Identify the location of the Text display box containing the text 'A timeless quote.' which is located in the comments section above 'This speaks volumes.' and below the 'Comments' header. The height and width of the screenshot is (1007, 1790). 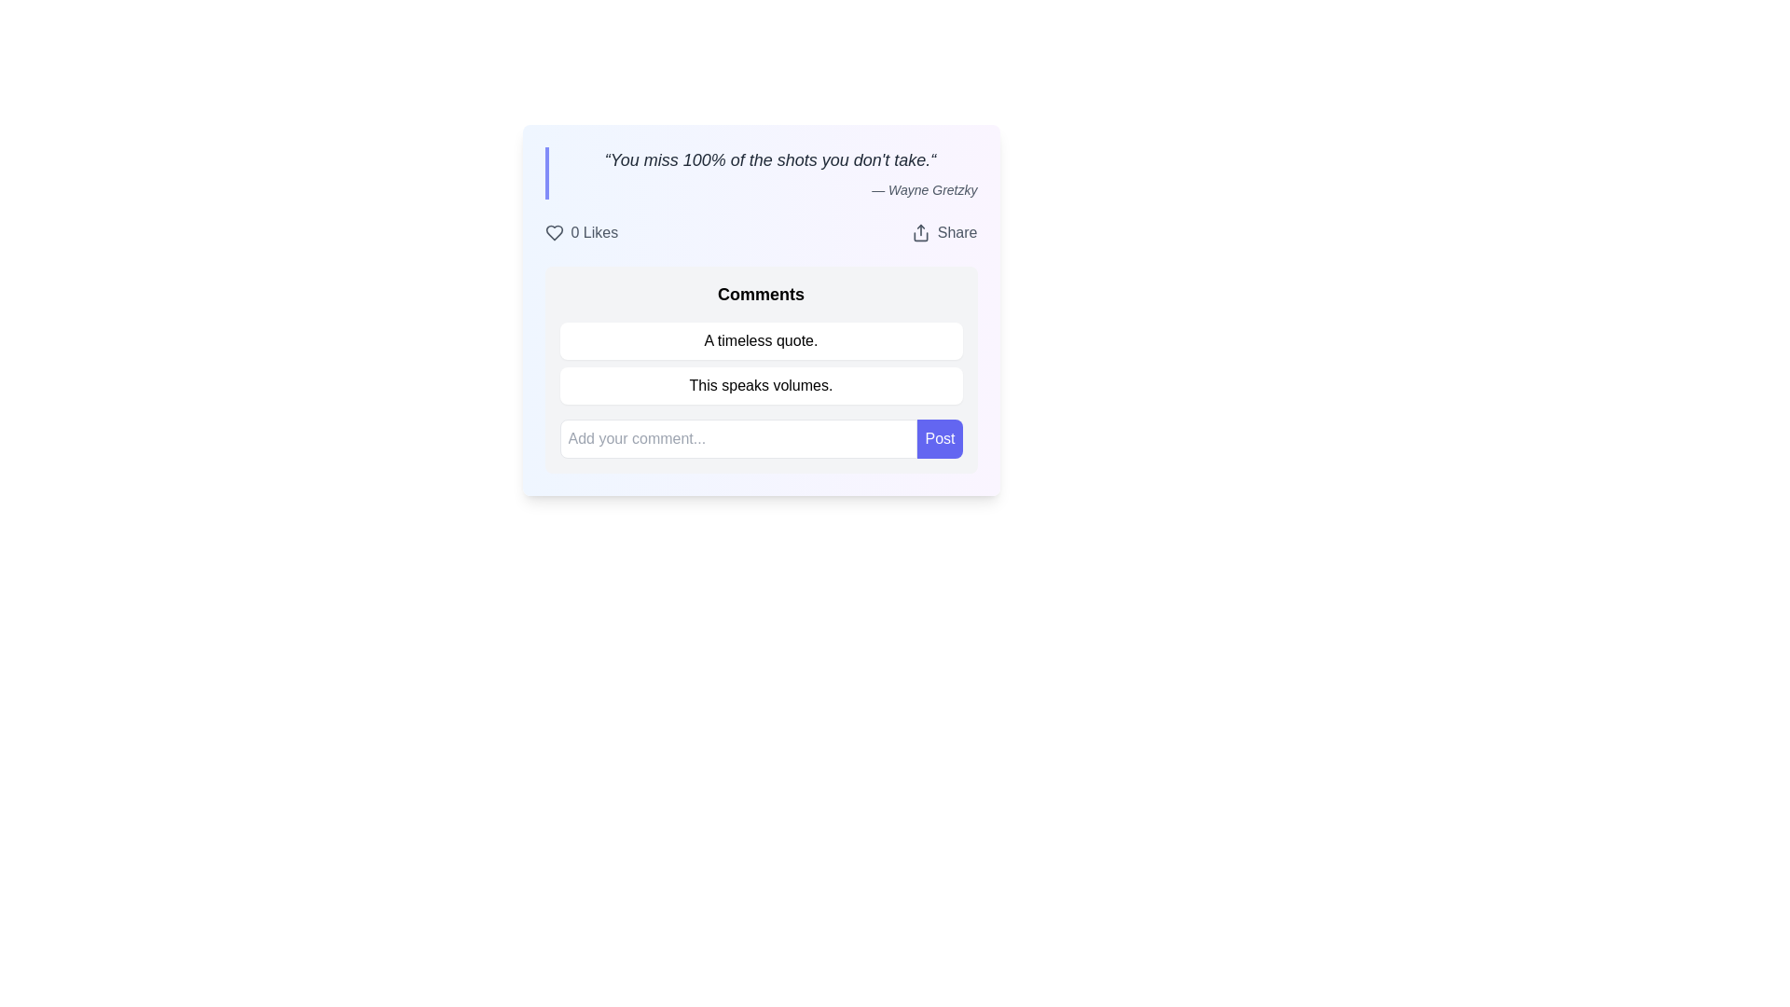
(761, 341).